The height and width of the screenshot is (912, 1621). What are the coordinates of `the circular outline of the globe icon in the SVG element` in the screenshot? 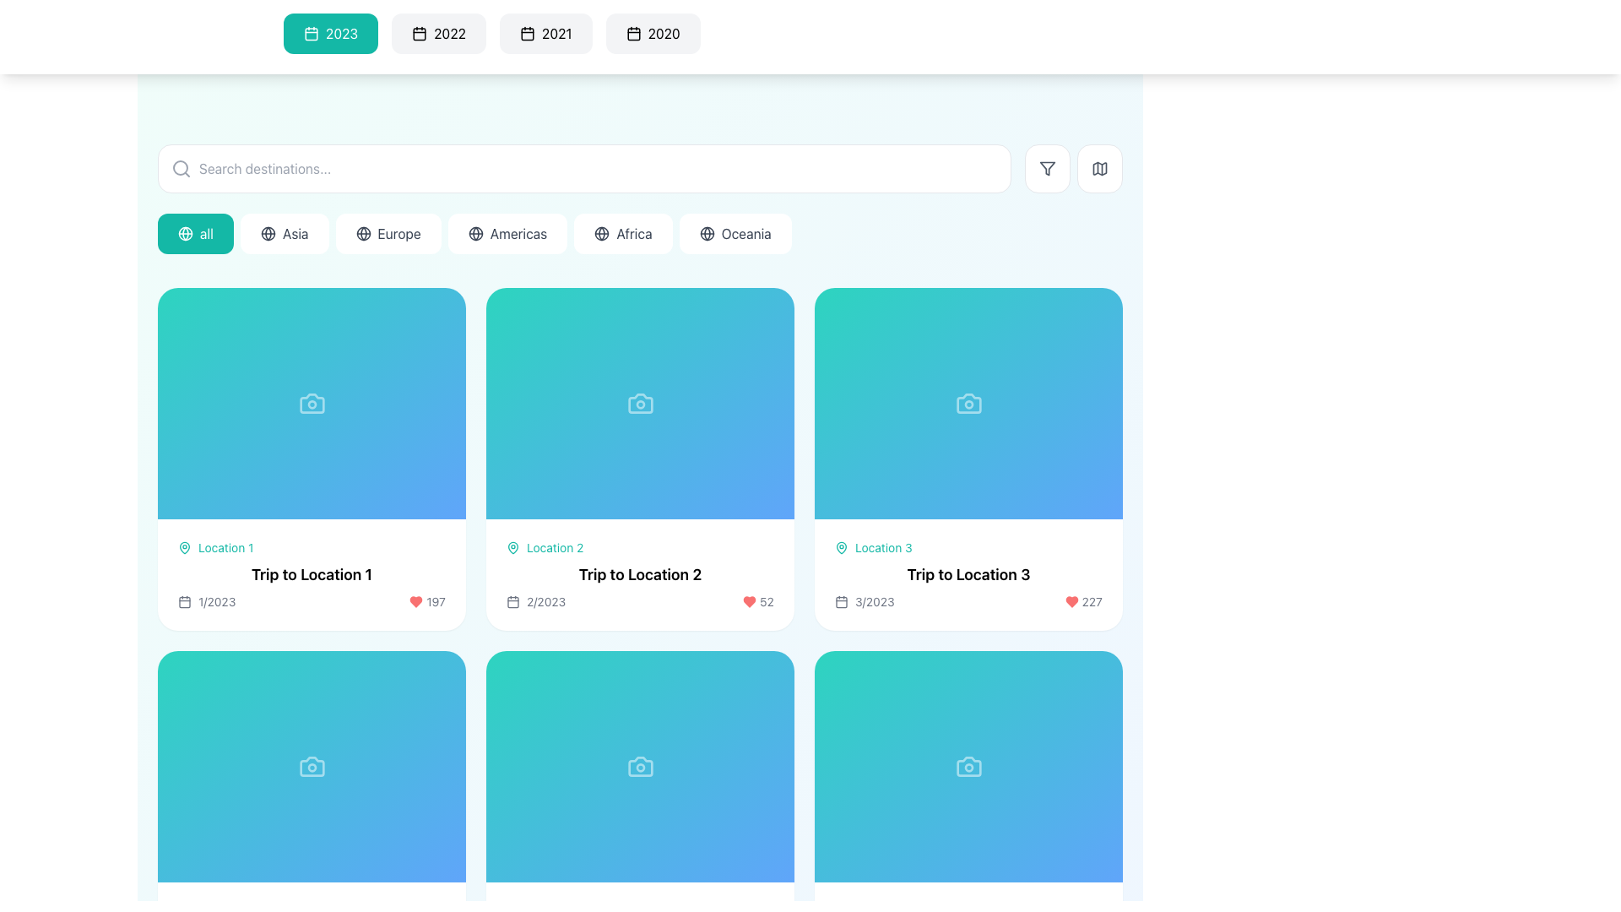 It's located at (602, 234).